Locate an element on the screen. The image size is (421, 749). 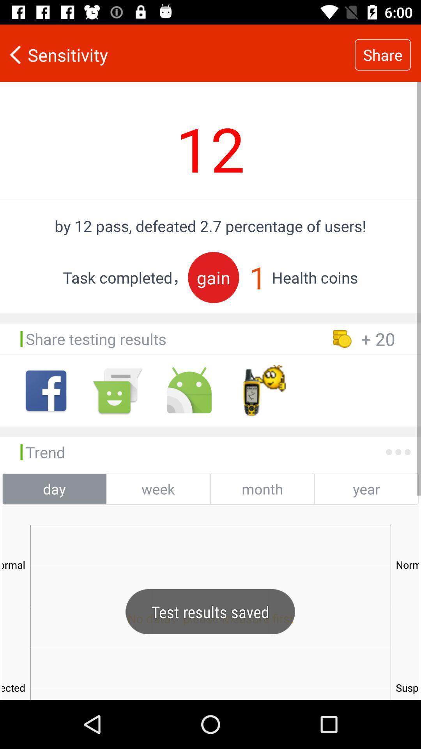
the coin symbol before 20 is located at coordinates (342, 339).